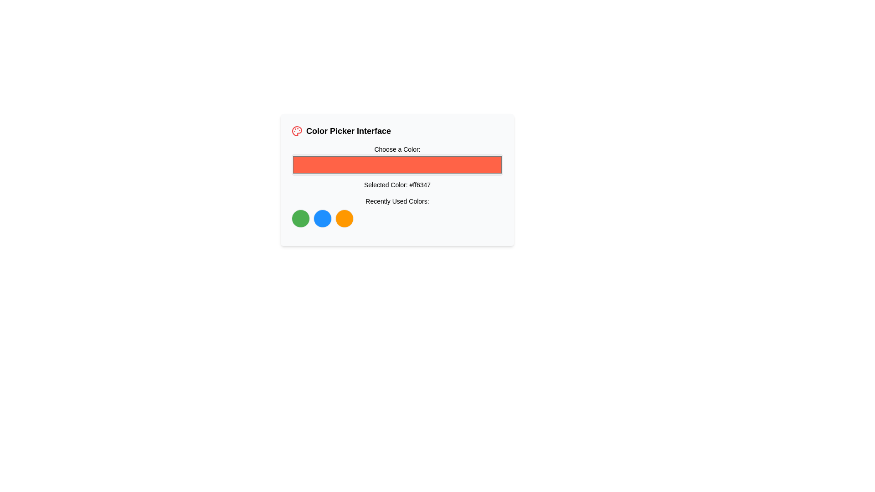  Describe the element at coordinates (397, 185) in the screenshot. I see `displayed color code '#ff6347' in the color picker interface, which is located within a card-like structure titled 'Choose a Color:'` at that location.